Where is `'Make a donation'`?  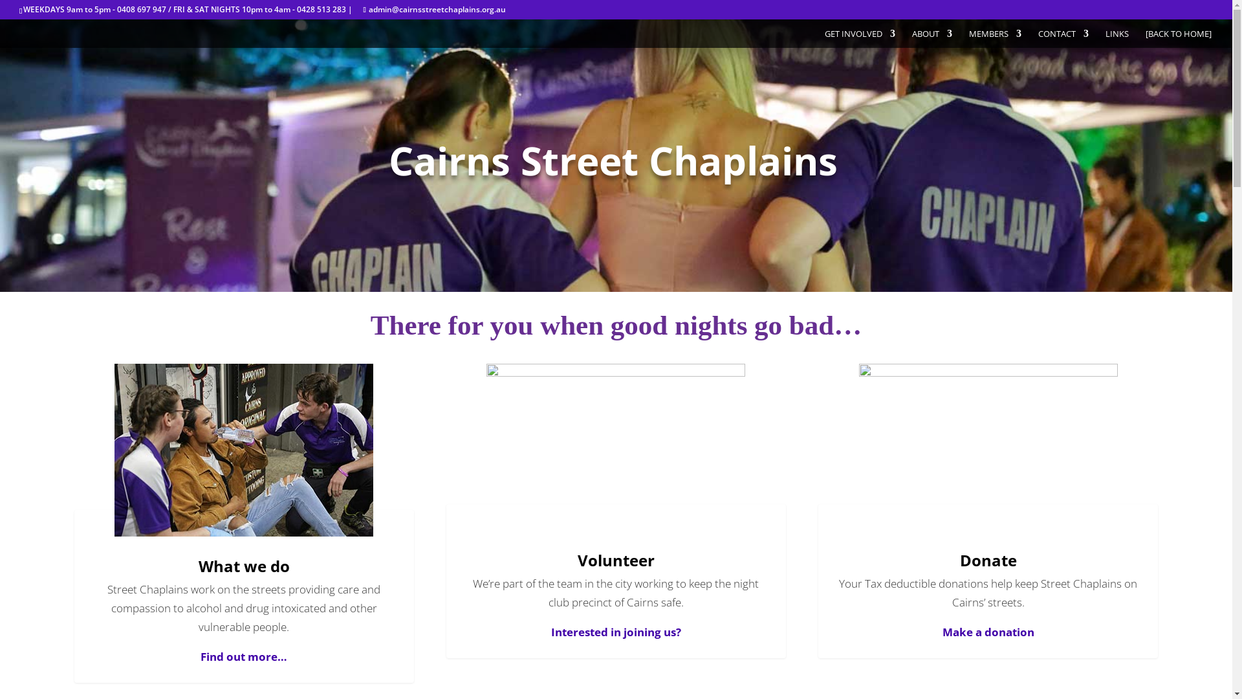
'Make a donation' is located at coordinates (942, 631).